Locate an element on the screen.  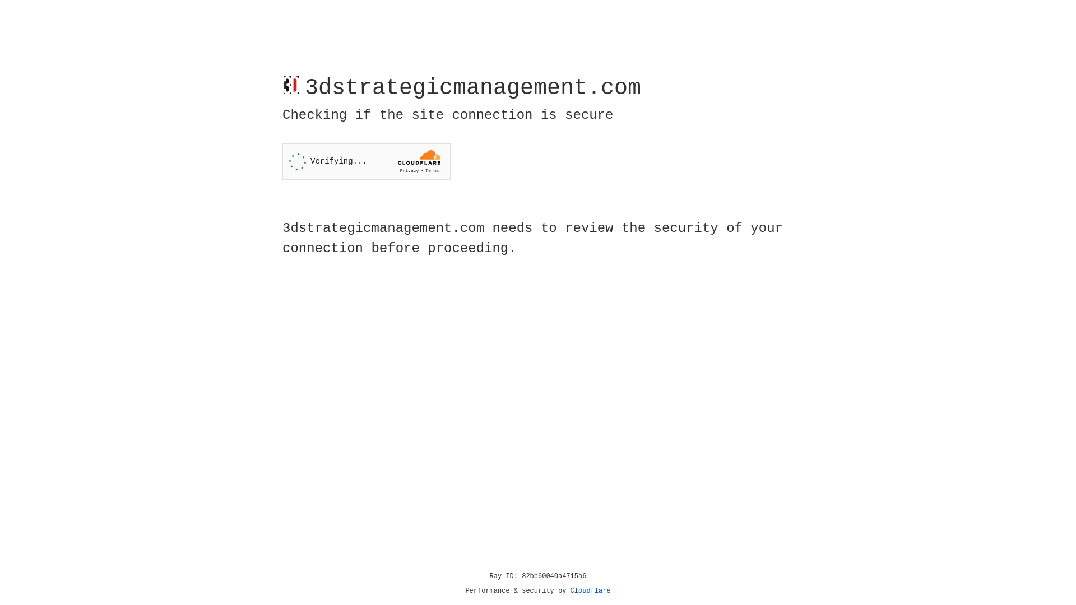
'Widget containing a Cloudflare security challenge' is located at coordinates (366, 161).